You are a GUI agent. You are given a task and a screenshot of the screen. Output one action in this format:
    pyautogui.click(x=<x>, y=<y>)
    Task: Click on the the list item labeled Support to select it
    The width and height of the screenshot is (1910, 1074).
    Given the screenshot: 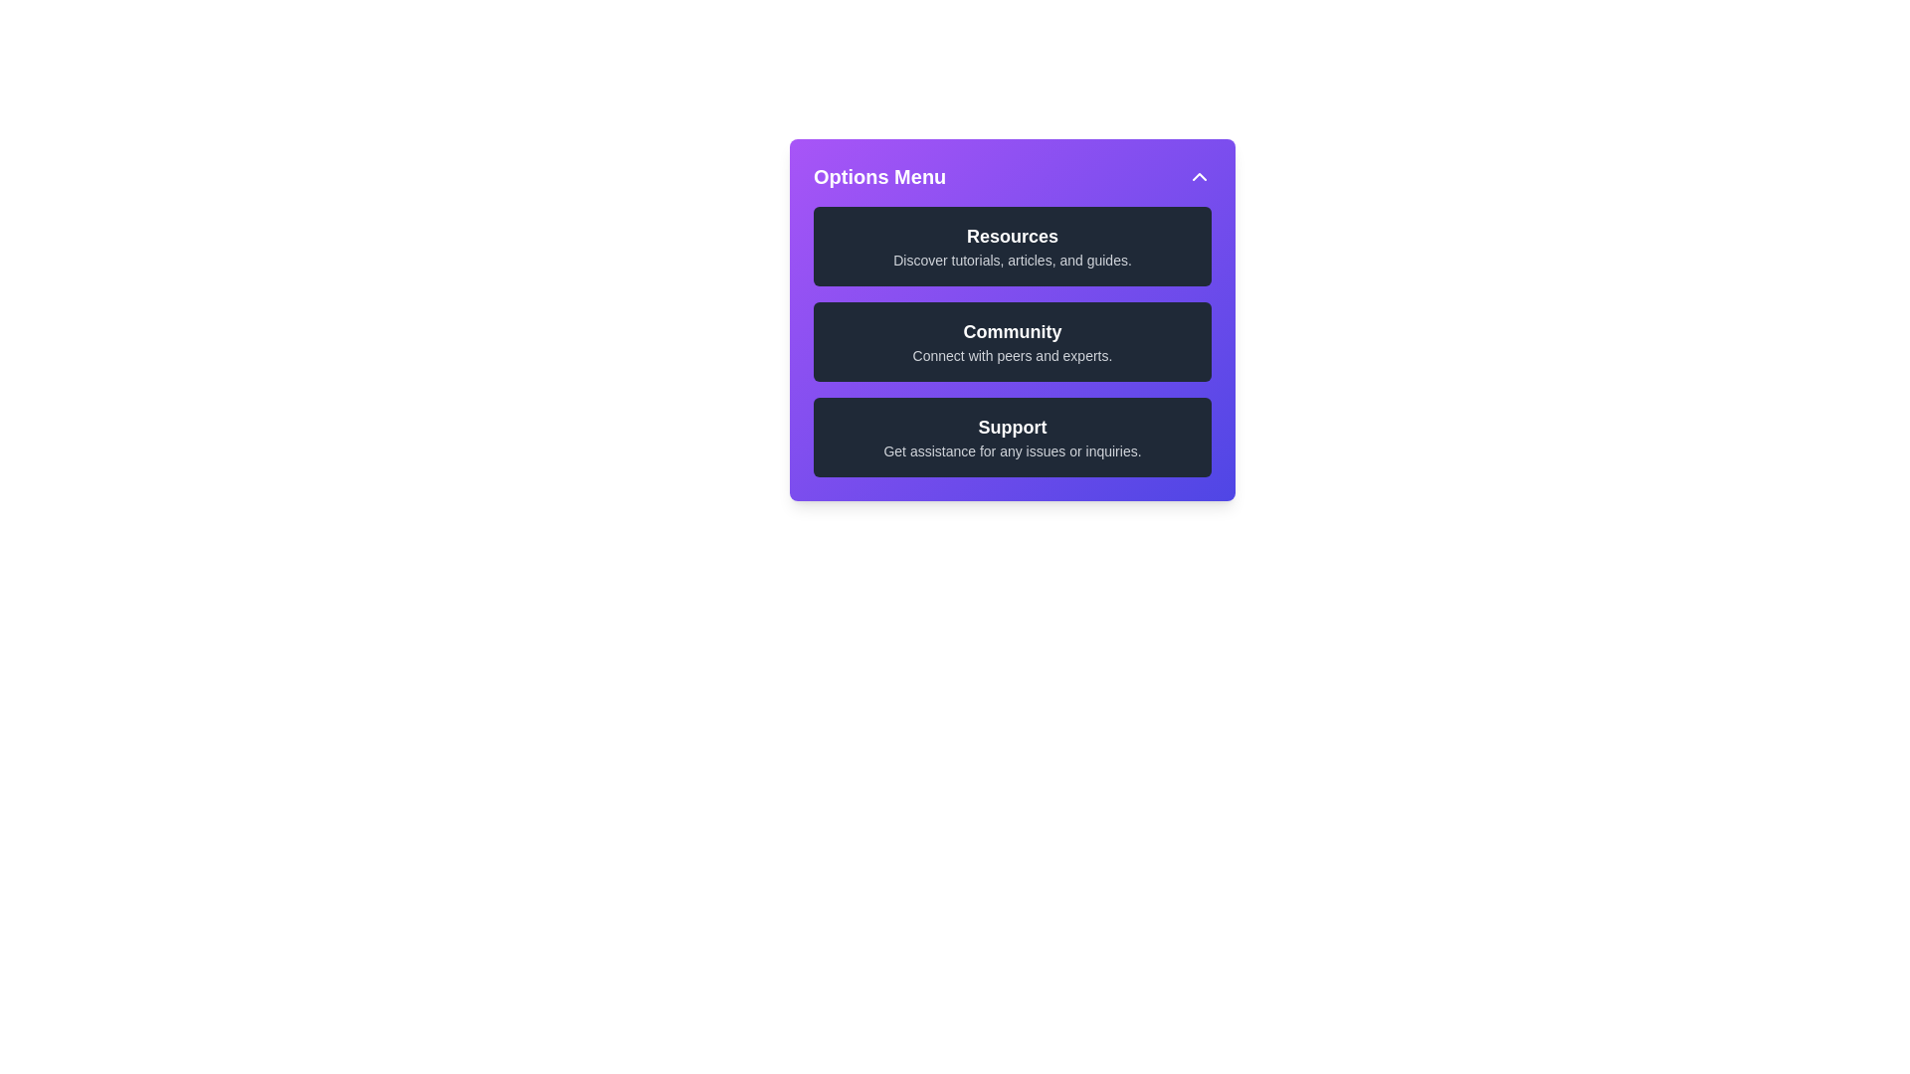 What is the action you would take?
    pyautogui.click(x=1012, y=436)
    